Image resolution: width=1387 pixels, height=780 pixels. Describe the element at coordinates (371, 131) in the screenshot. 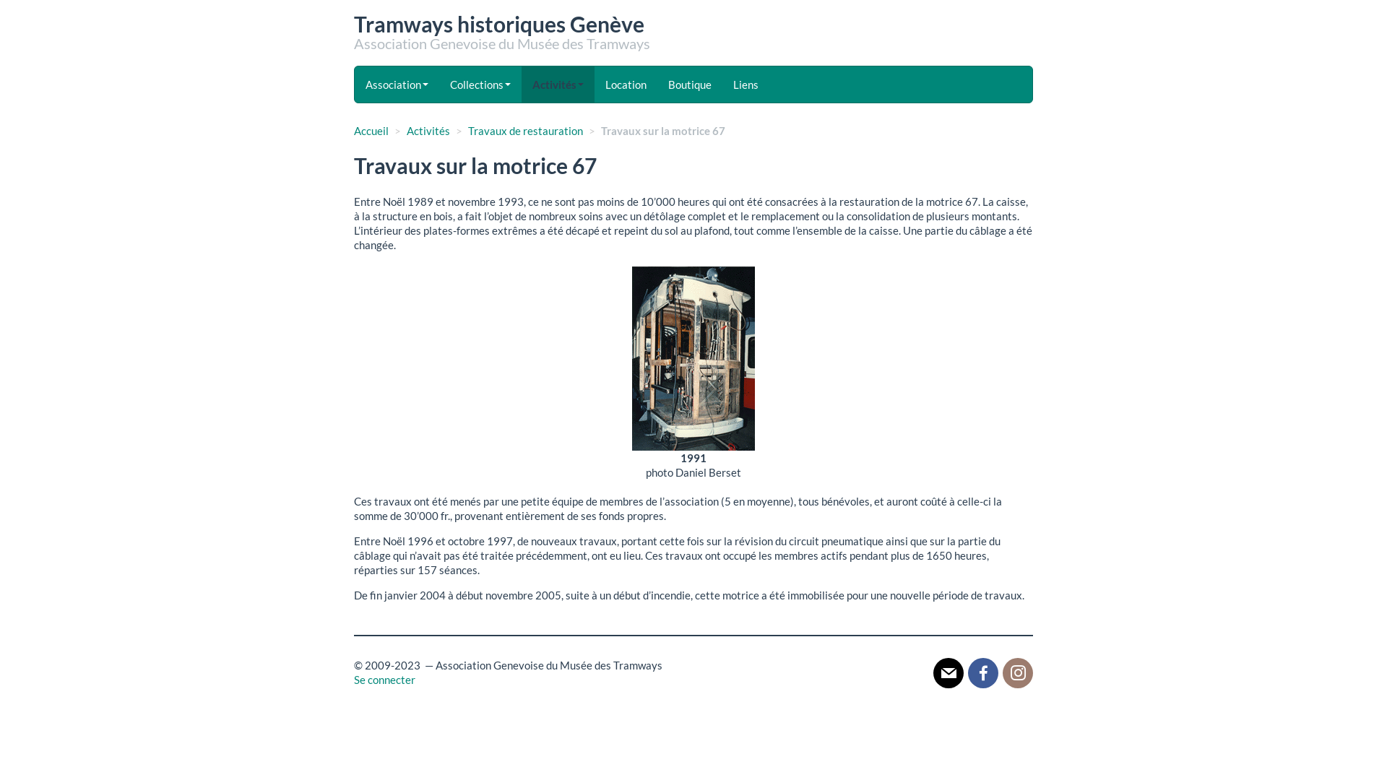

I see `'Accueil'` at that location.